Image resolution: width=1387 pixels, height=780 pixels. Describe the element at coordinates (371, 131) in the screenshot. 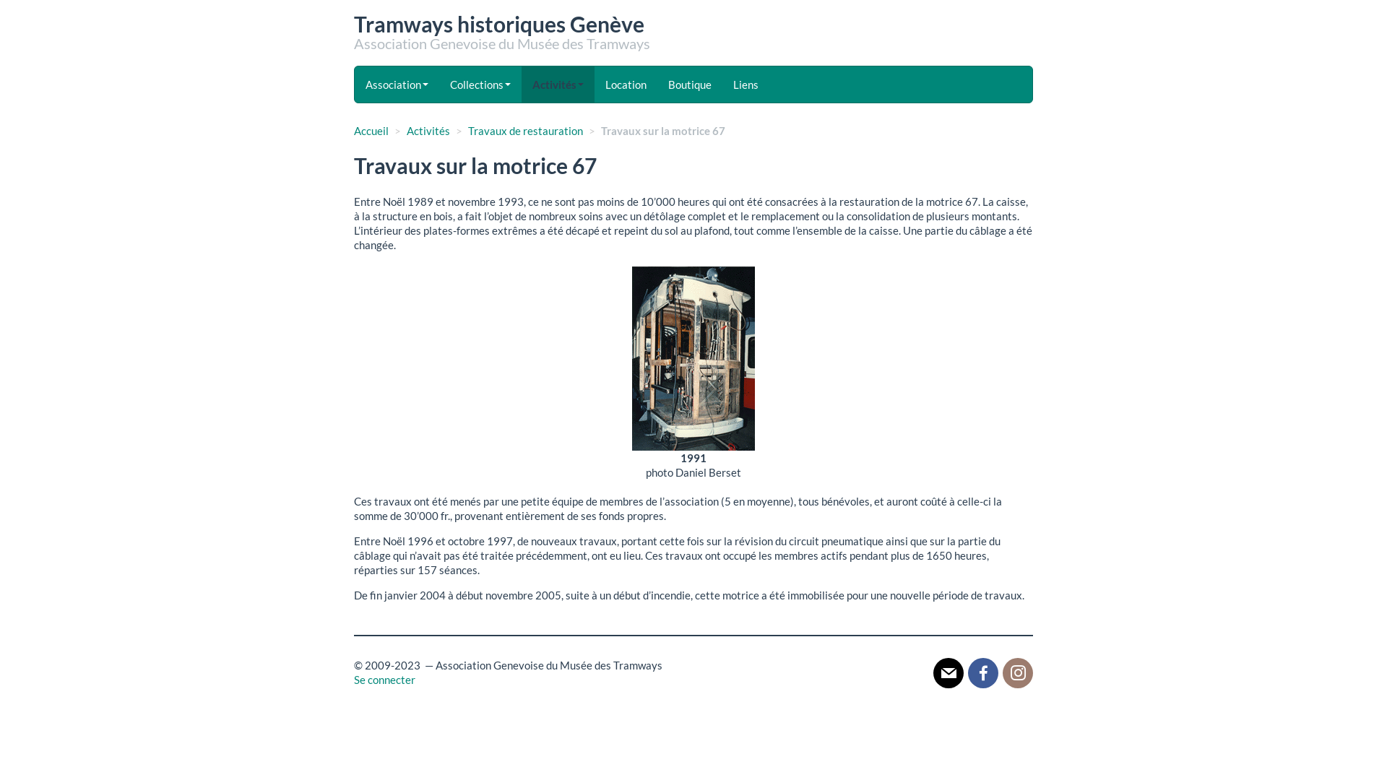

I see `'Accueil'` at that location.